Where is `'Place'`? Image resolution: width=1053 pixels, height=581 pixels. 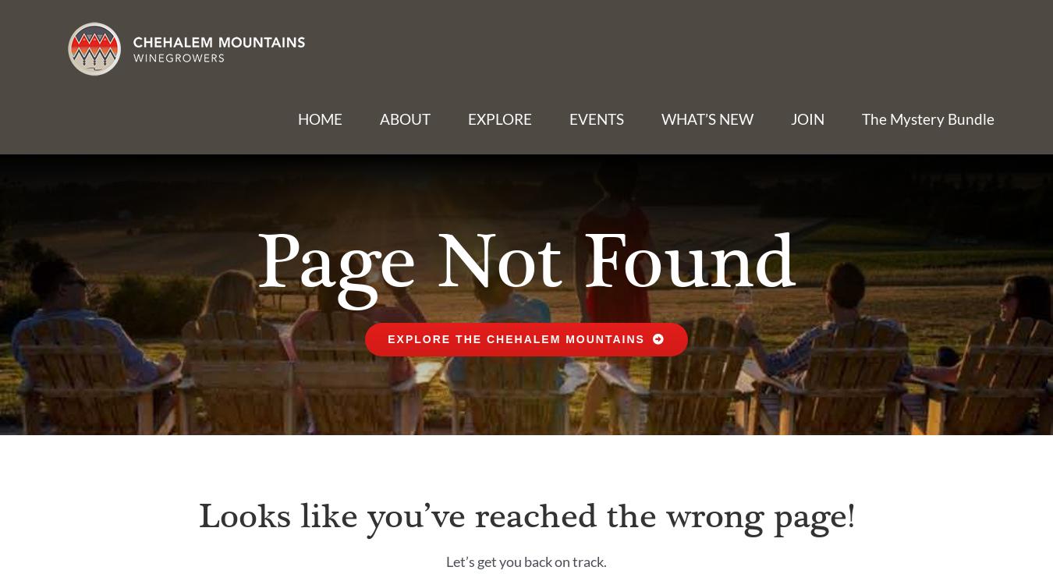 'Place' is located at coordinates (409, 207).